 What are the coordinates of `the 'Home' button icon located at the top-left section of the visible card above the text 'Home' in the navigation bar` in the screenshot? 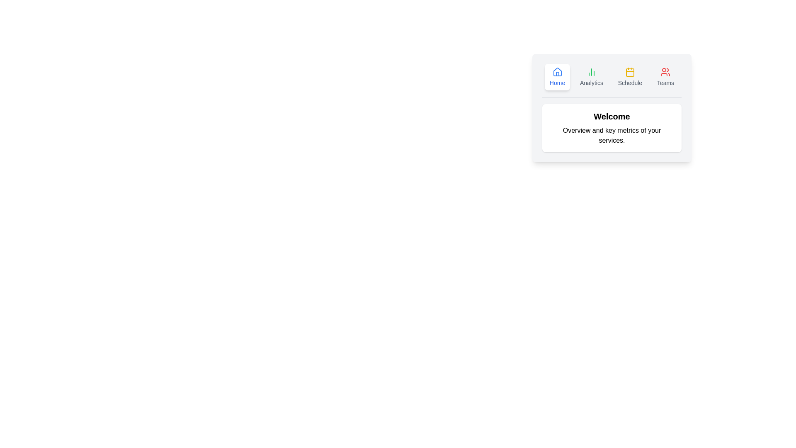 It's located at (557, 71).